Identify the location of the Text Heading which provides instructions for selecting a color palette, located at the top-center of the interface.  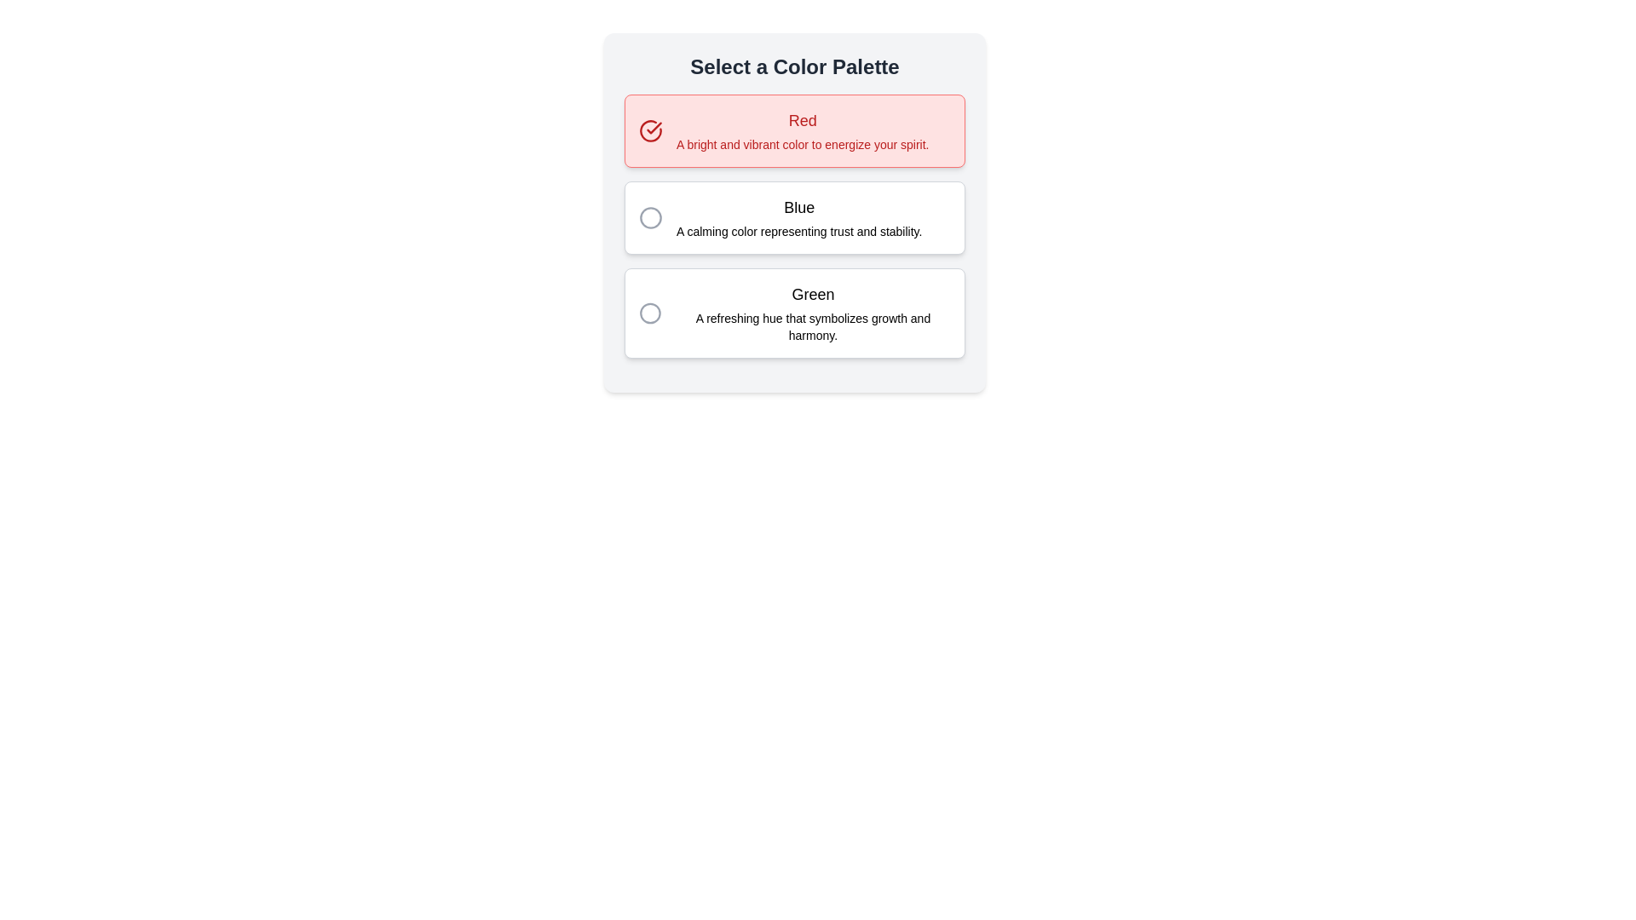
(793, 66).